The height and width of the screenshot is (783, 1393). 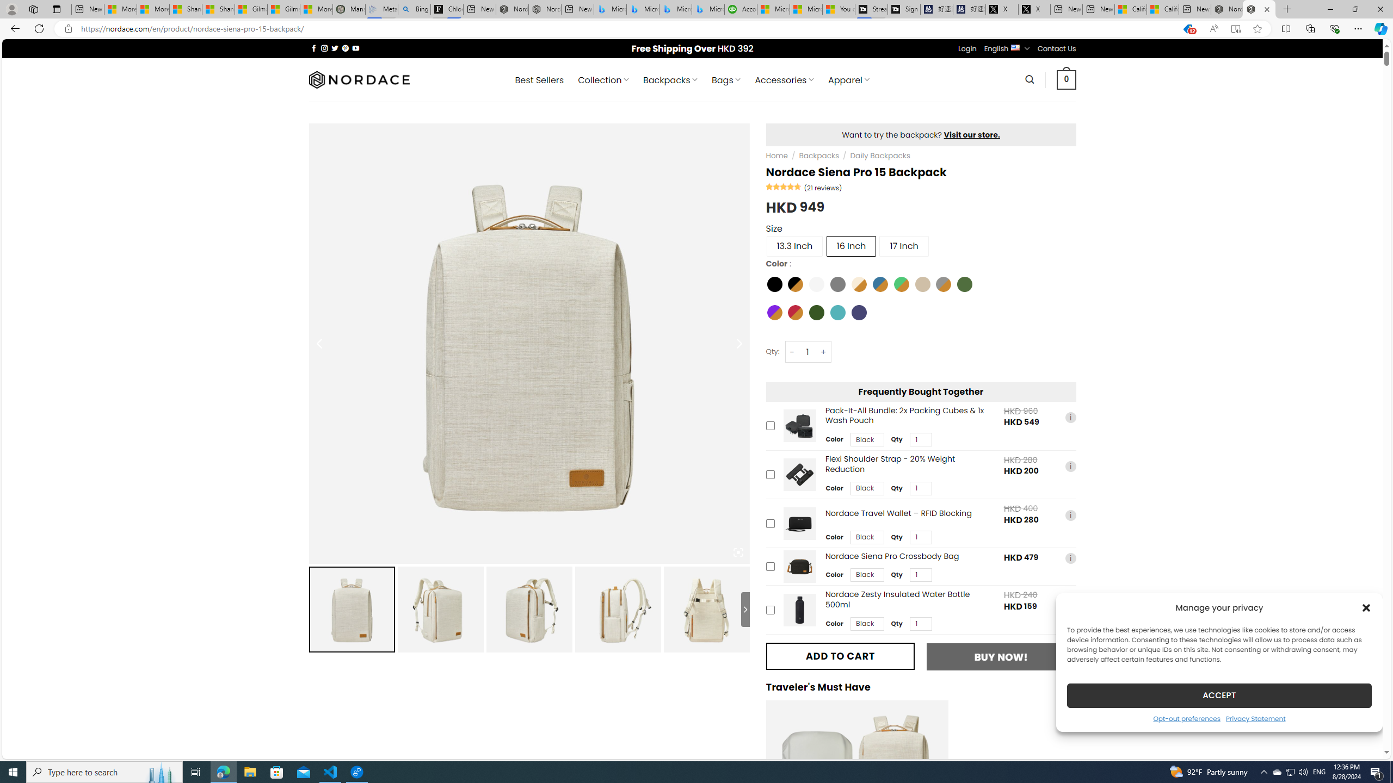 What do you see at coordinates (823, 352) in the screenshot?
I see `'+'` at bounding box center [823, 352].